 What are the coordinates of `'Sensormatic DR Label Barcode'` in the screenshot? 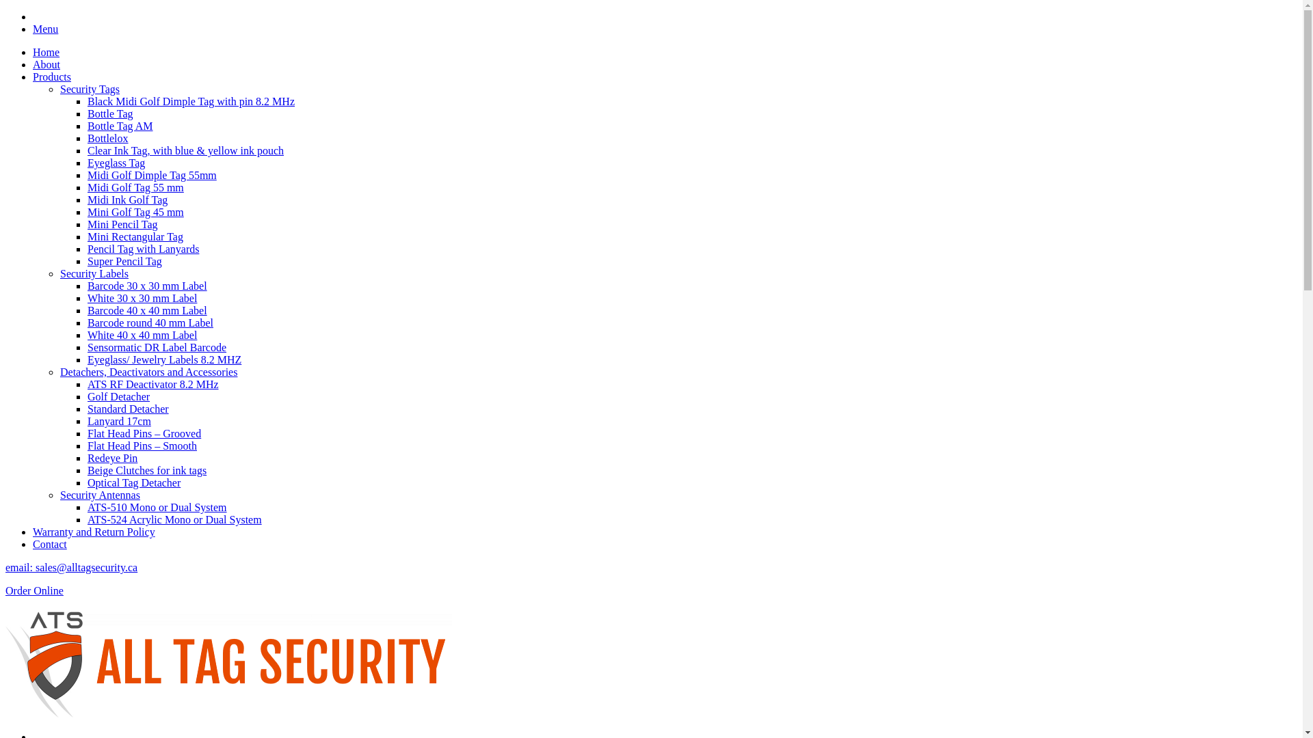 It's located at (157, 346).